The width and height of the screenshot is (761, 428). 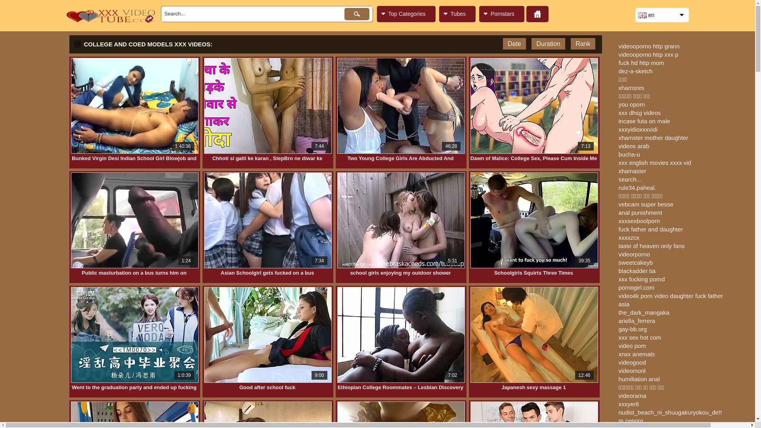 I want to click on 'vebcam super besse', so click(x=645, y=204).